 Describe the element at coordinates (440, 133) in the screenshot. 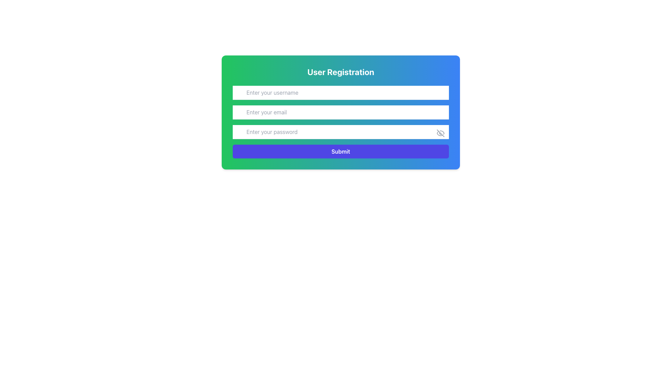

I see `the visibility toggle button for the password input field located at the top right corner inside the password input field` at that location.